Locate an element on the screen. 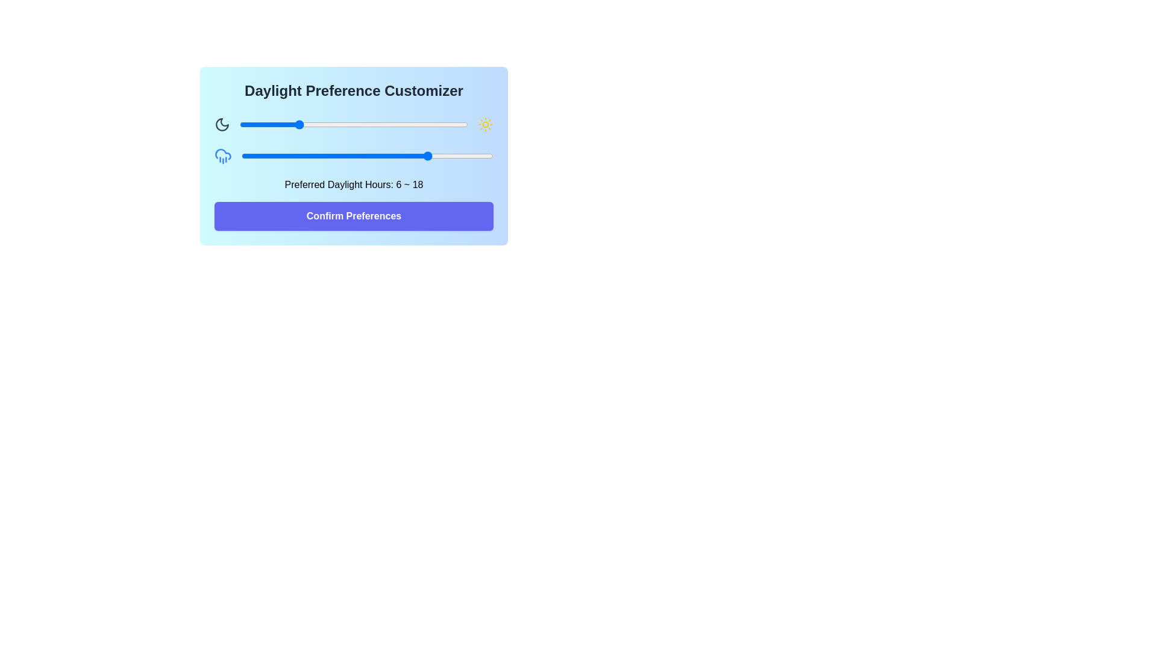 This screenshot has height=651, width=1157. the daylight preference is located at coordinates (325, 155).